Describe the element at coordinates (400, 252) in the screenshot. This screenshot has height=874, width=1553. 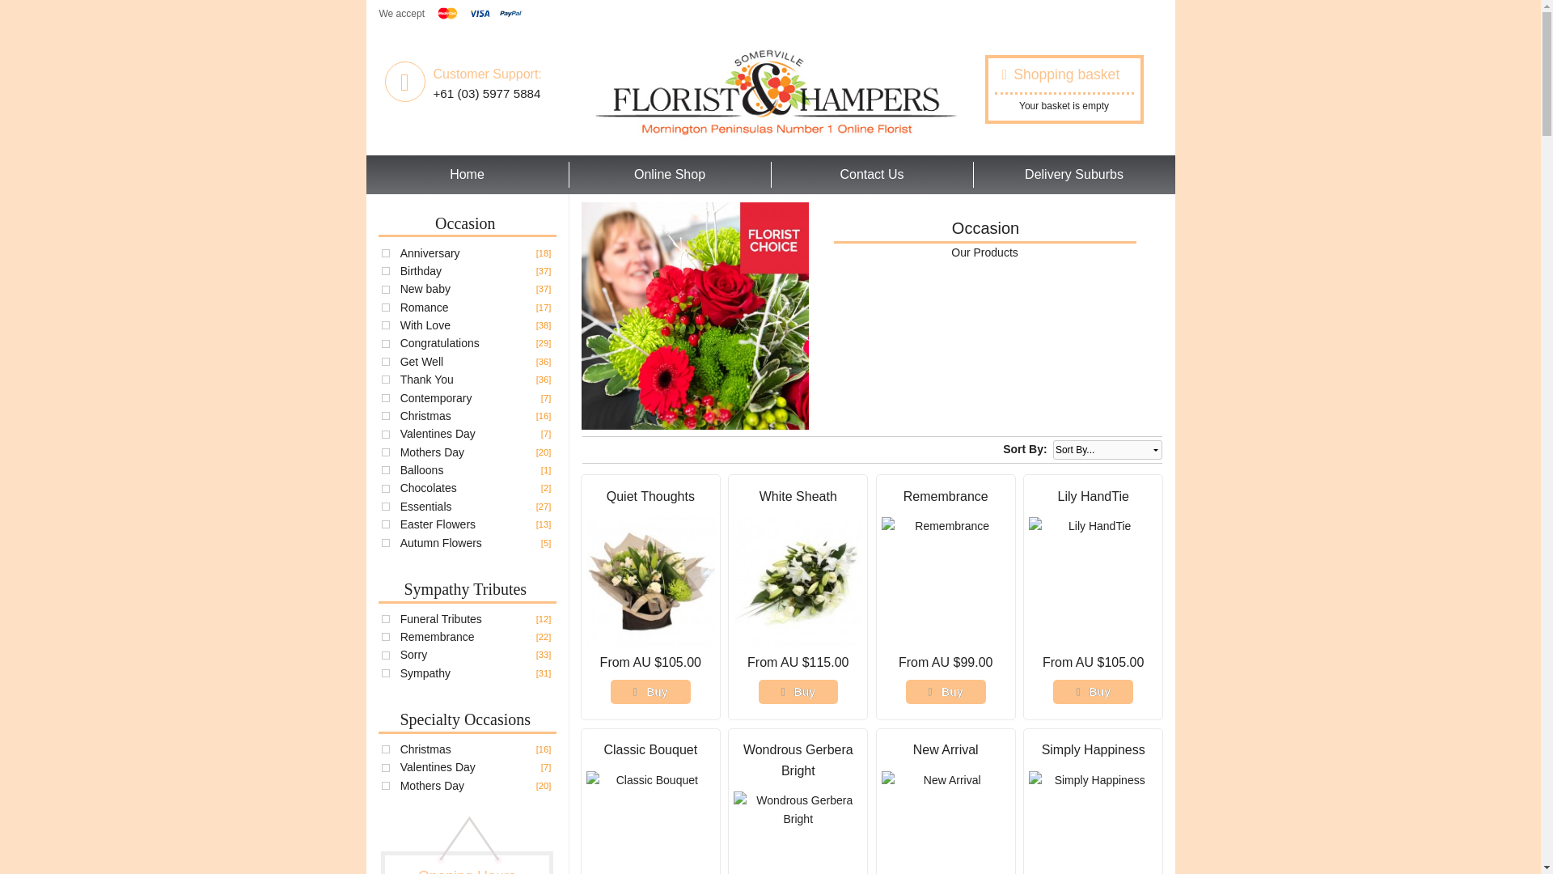
I see `'Anniversary` at that location.